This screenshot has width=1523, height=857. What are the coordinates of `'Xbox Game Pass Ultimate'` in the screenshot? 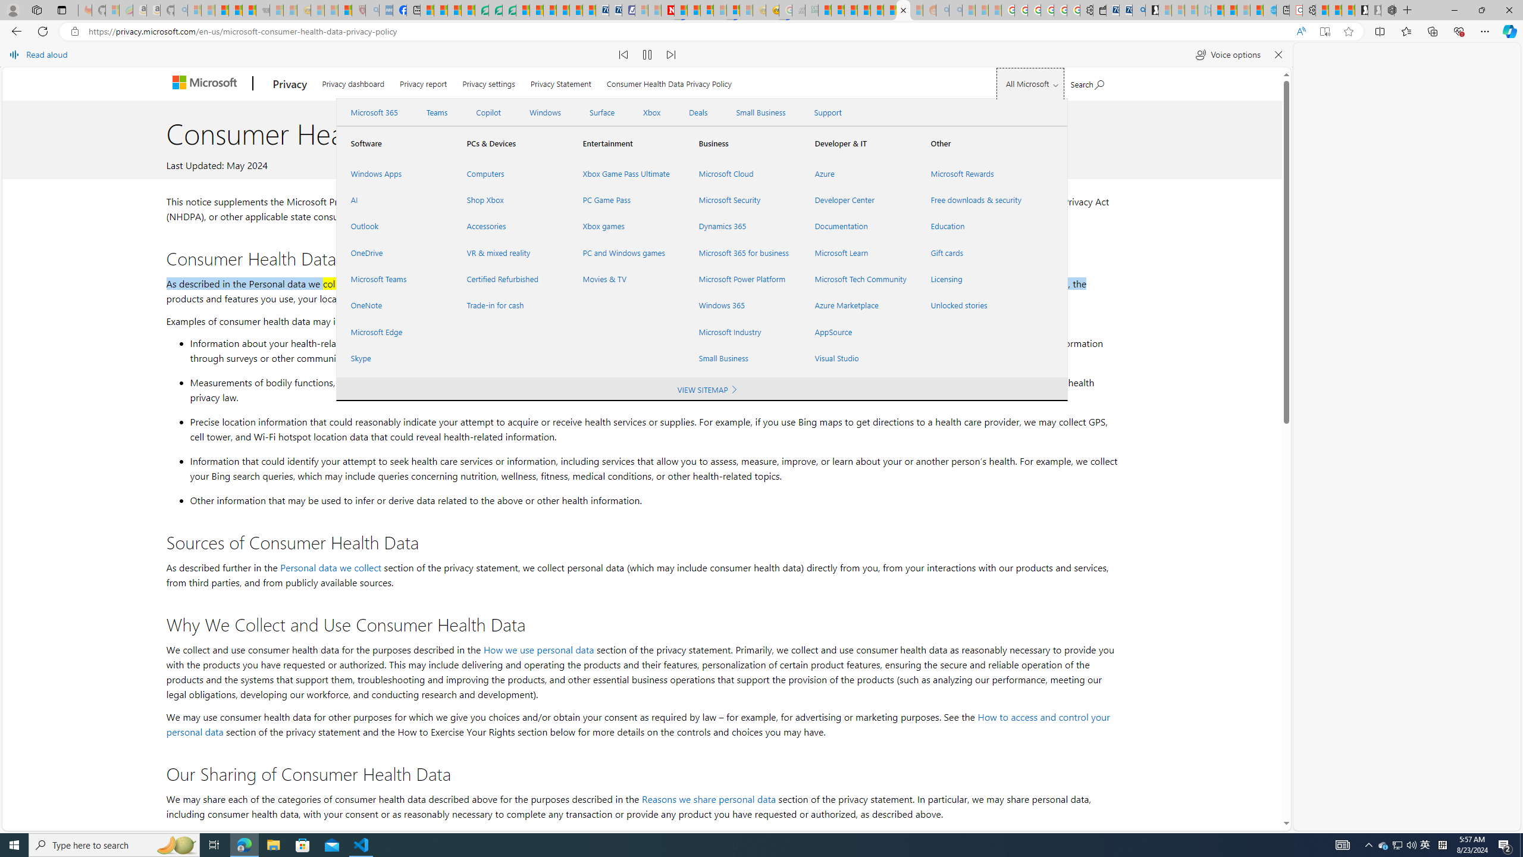 It's located at (626, 173).